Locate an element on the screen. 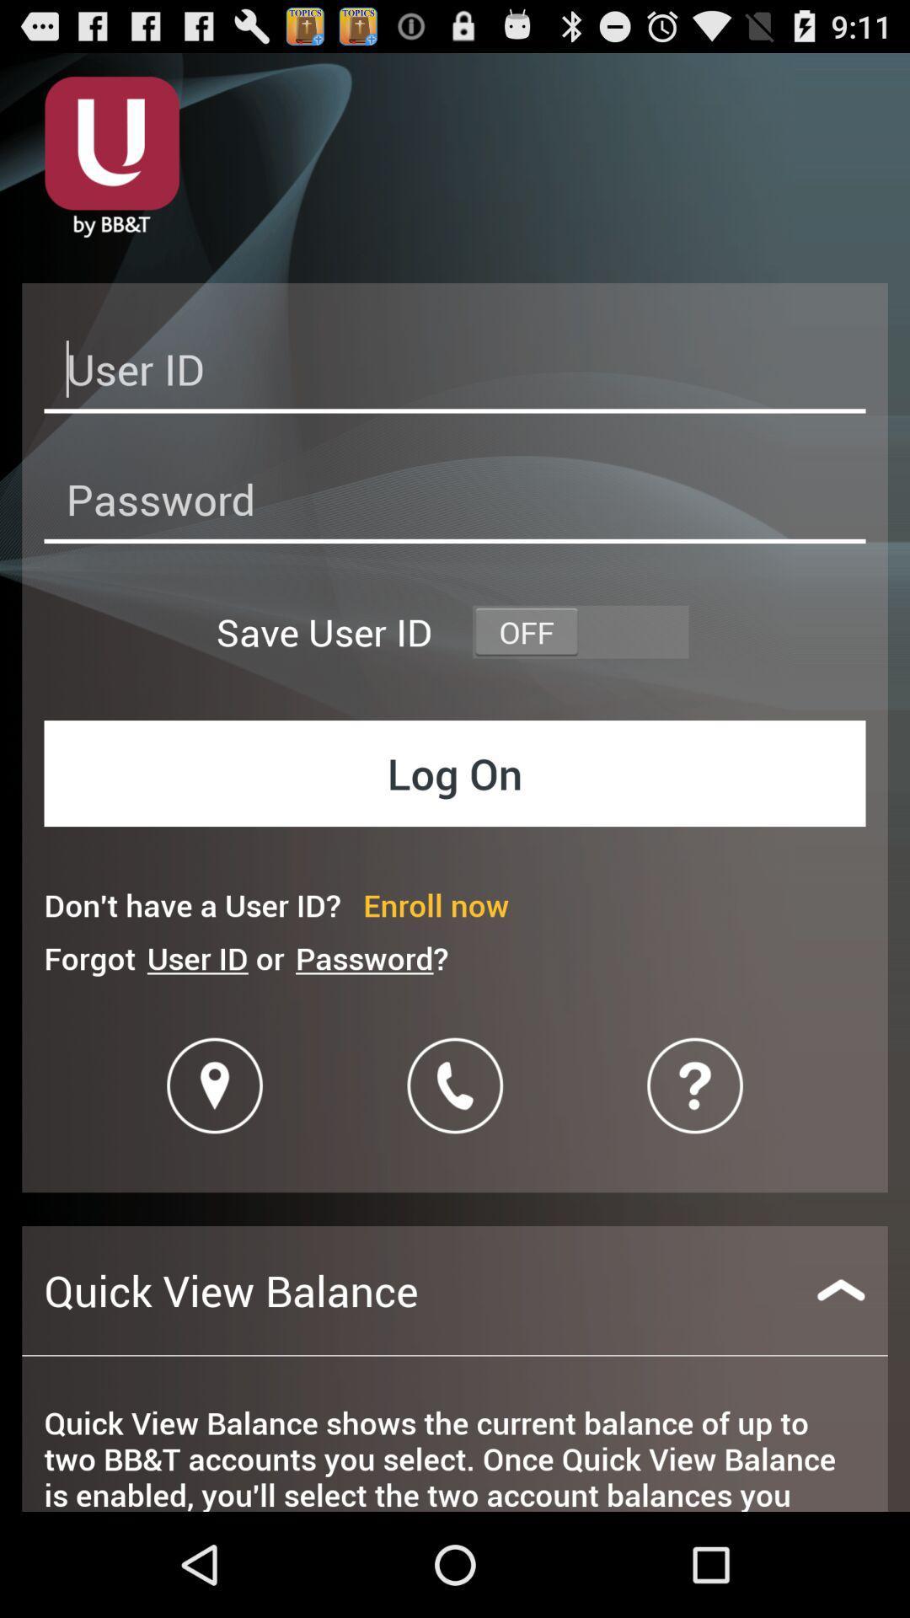 The image size is (910, 1618). icon above don t have icon is located at coordinates (455, 772).